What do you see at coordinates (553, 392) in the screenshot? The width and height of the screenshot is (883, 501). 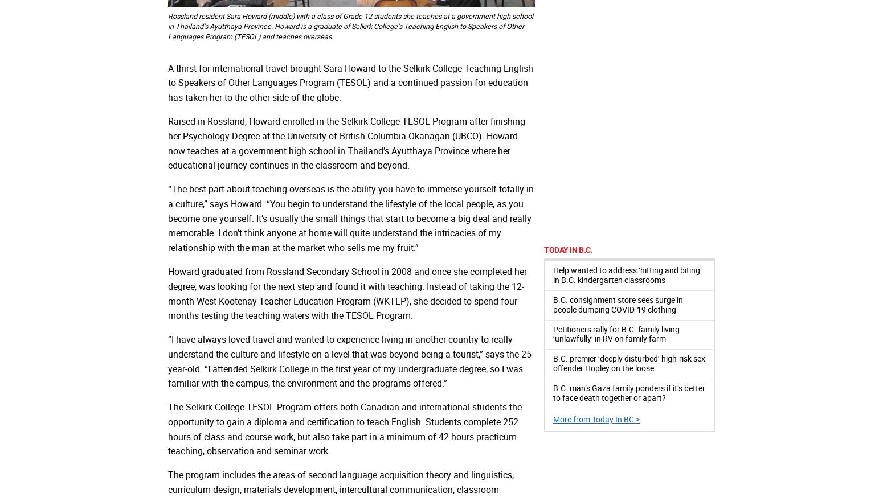 I see `'B.C. man’s Gaza family ponders if it’s better to face death together or apart?'` at bounding box center [553, 392].